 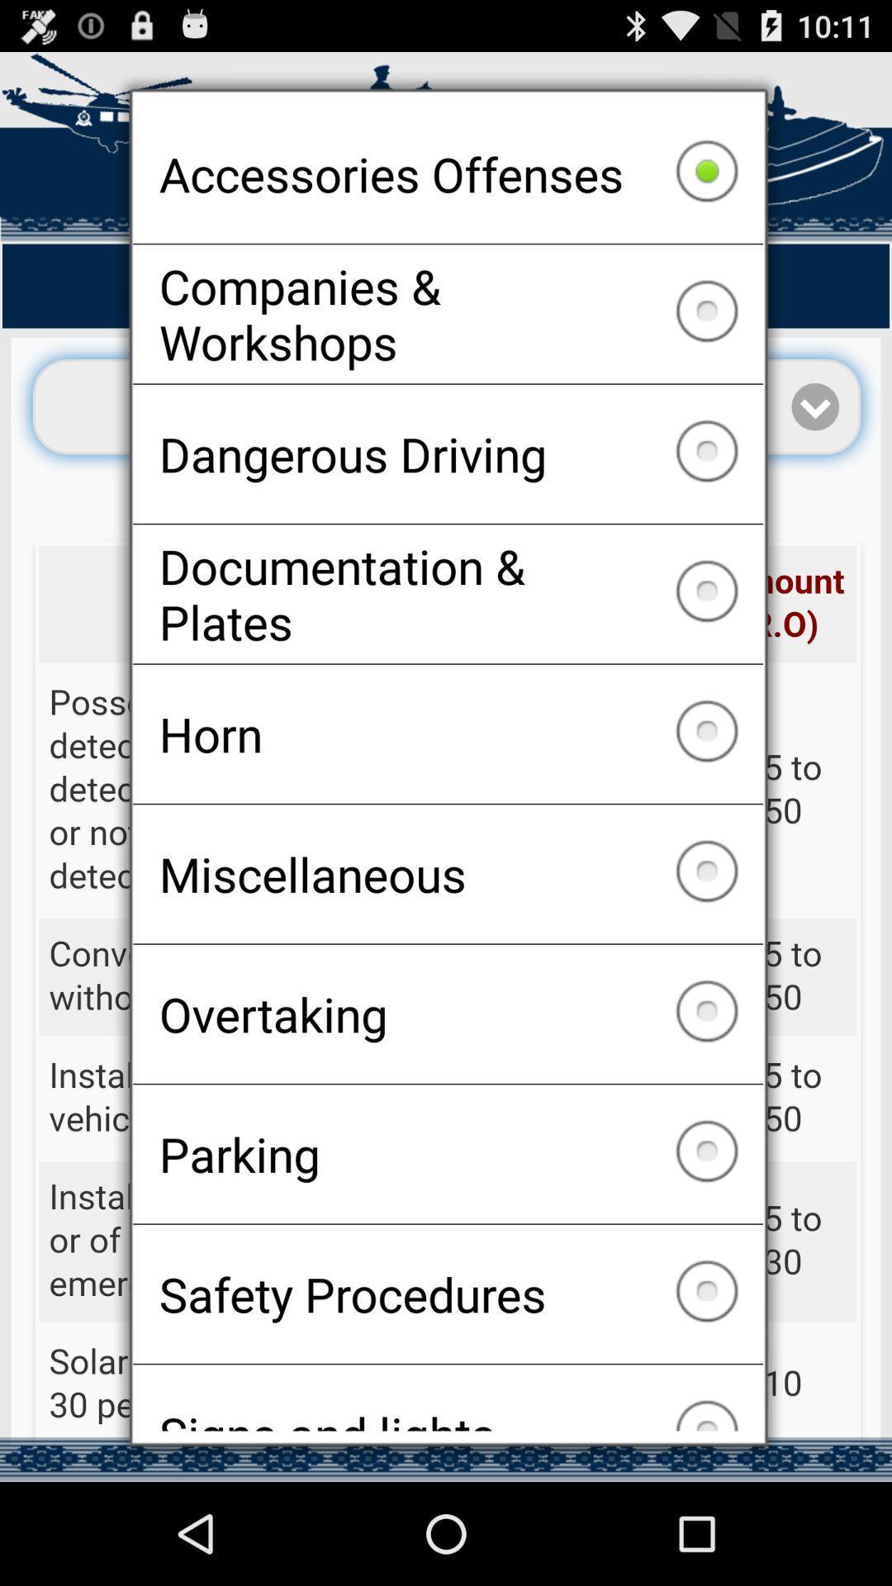 What do you see at coordinates (448, 733) in the screenshot?
I see `item below documentation & plates` at bounding box center [448, 733].